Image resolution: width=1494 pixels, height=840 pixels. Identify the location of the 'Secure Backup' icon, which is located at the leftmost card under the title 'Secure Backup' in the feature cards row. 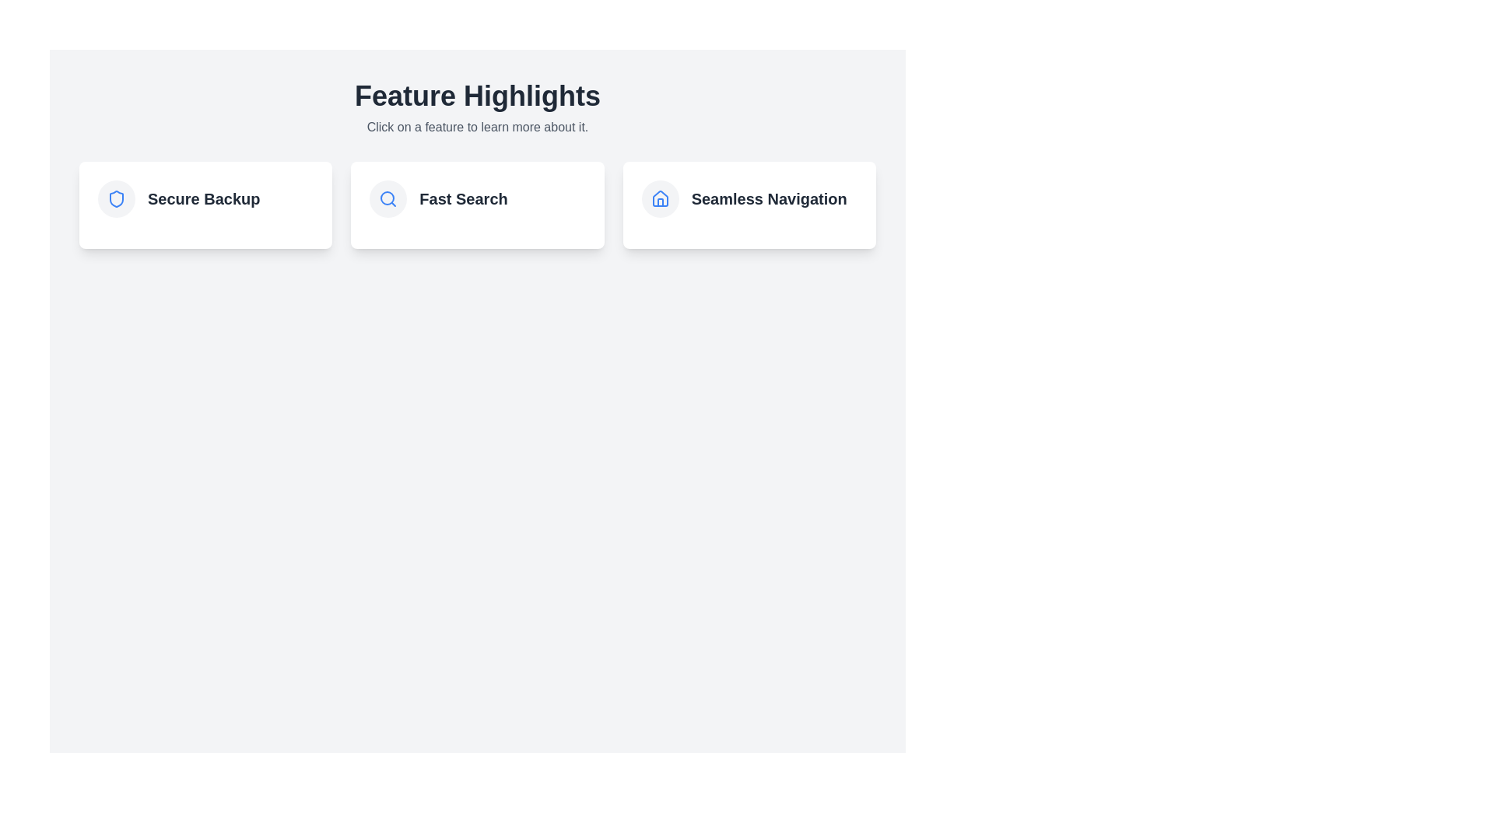
(115, 198).